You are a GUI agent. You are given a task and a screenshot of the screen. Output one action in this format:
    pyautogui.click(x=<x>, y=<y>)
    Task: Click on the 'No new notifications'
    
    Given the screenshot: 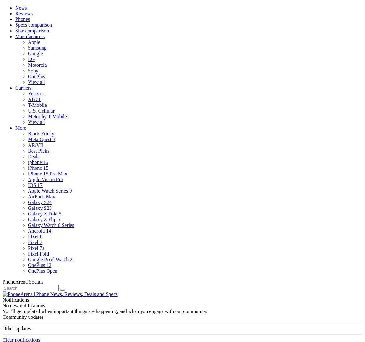 What is the action you would take?
    pyautogui.click(x=23, y=305)
    